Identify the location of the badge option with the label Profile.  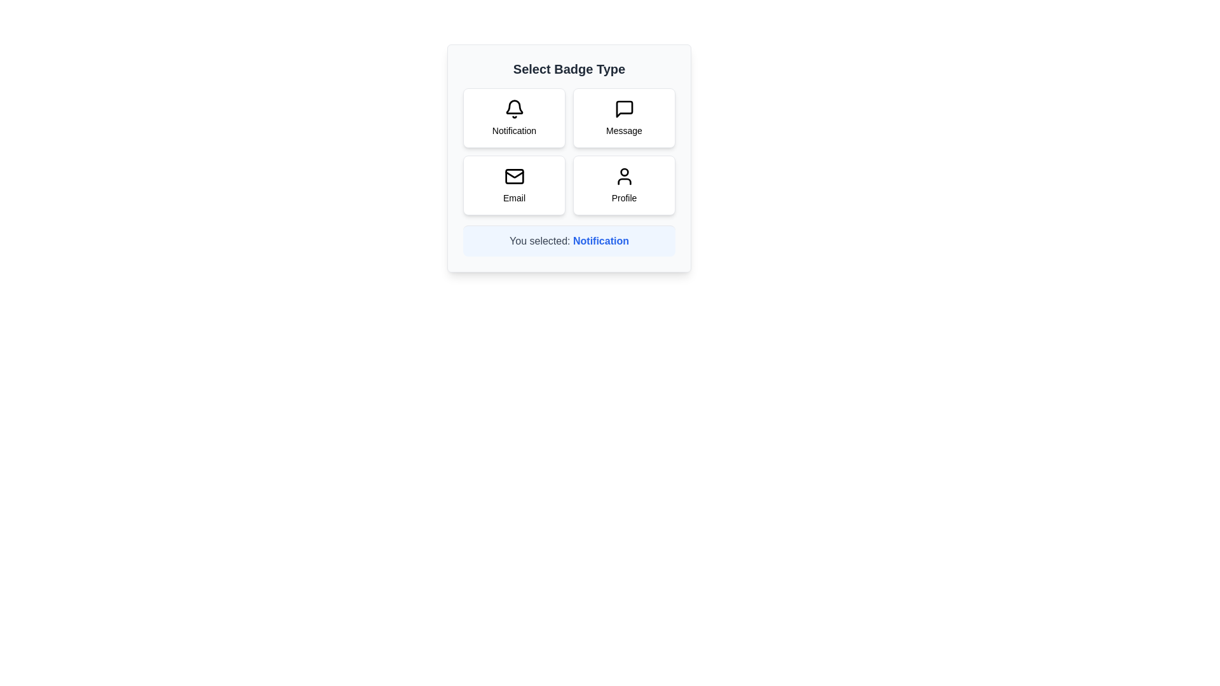
(624, 185).